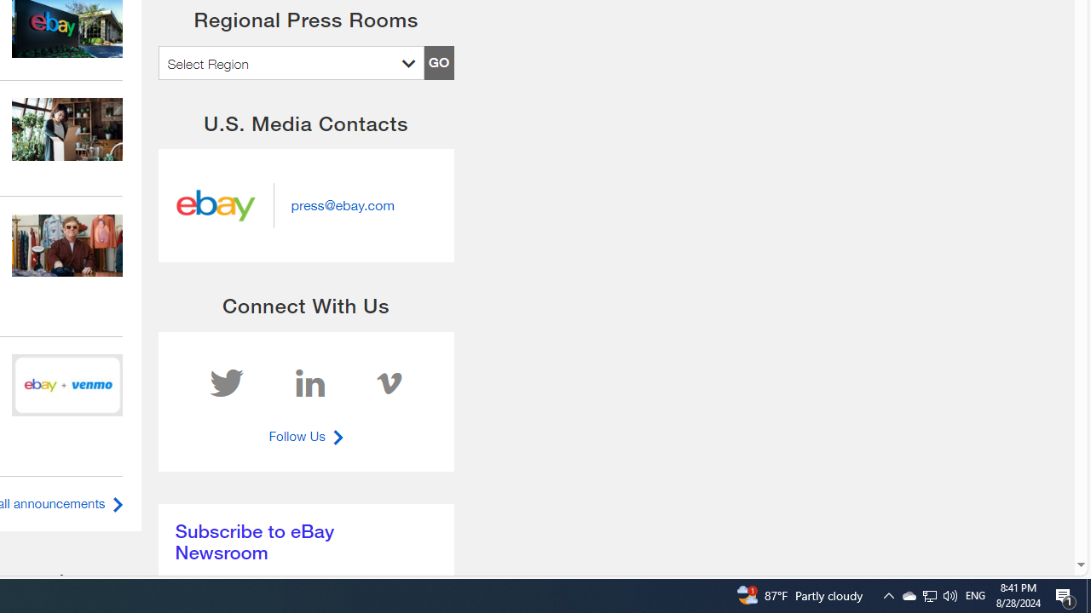 This screenshot has width=1091, height=613. Describe the element at coordinates (67, 245) in the screenshot. I see `'969302575'` at that location.